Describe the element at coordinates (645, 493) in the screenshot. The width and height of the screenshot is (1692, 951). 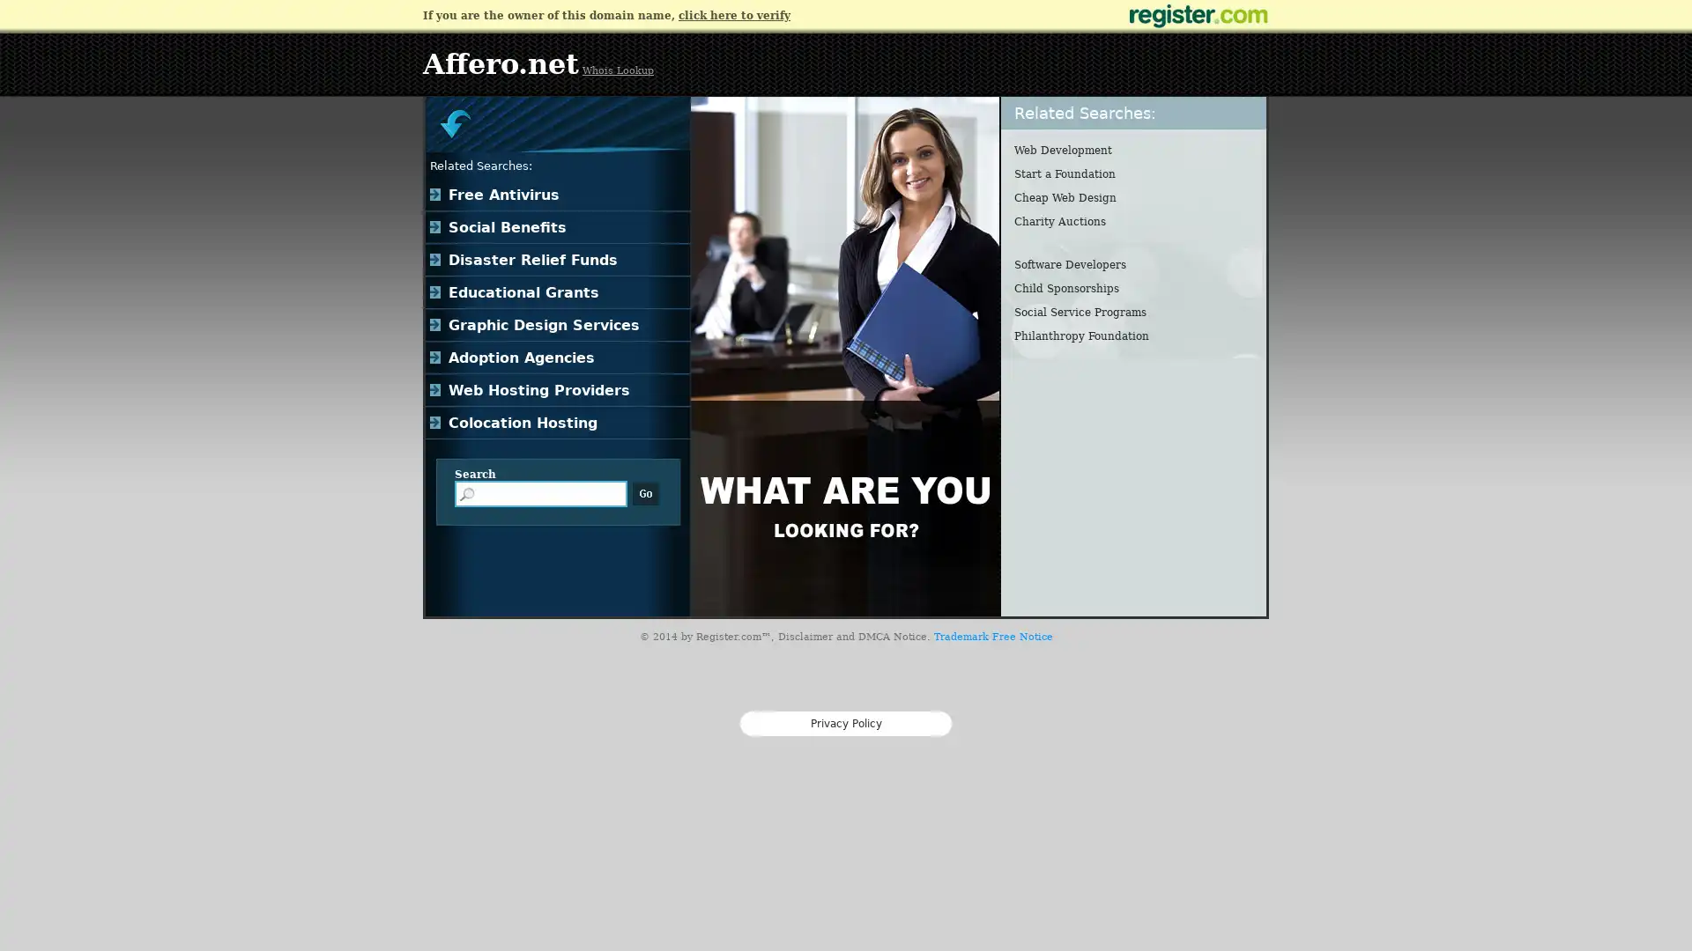
I see `Go` at that location.